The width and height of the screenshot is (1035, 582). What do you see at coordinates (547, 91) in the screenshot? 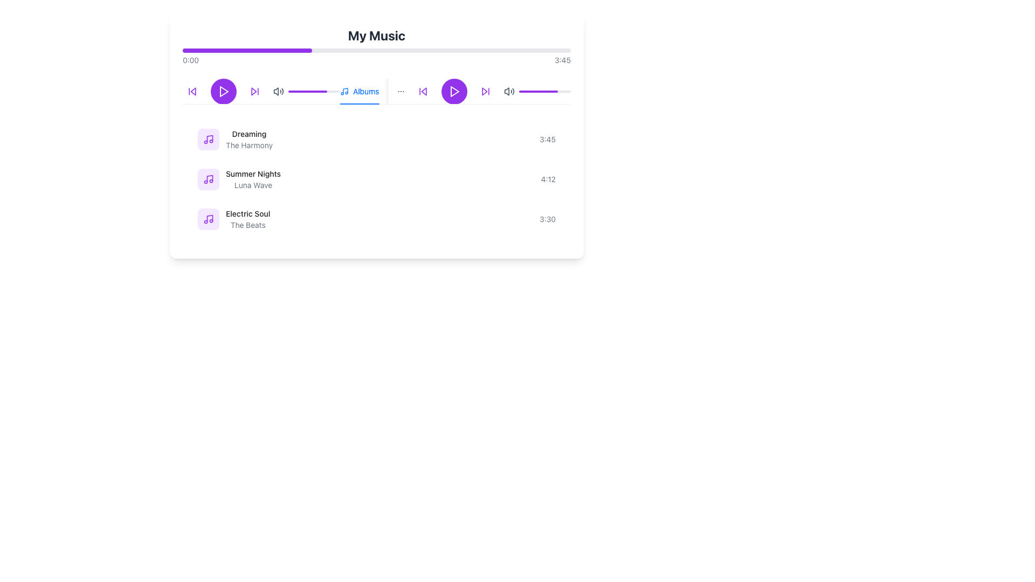
I see `volume` at bounding box center [547, 91].